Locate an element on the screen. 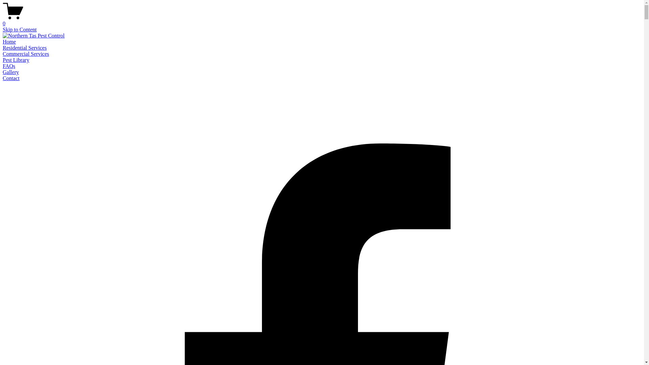  'FAQs' is located at coordinates (9, 66).